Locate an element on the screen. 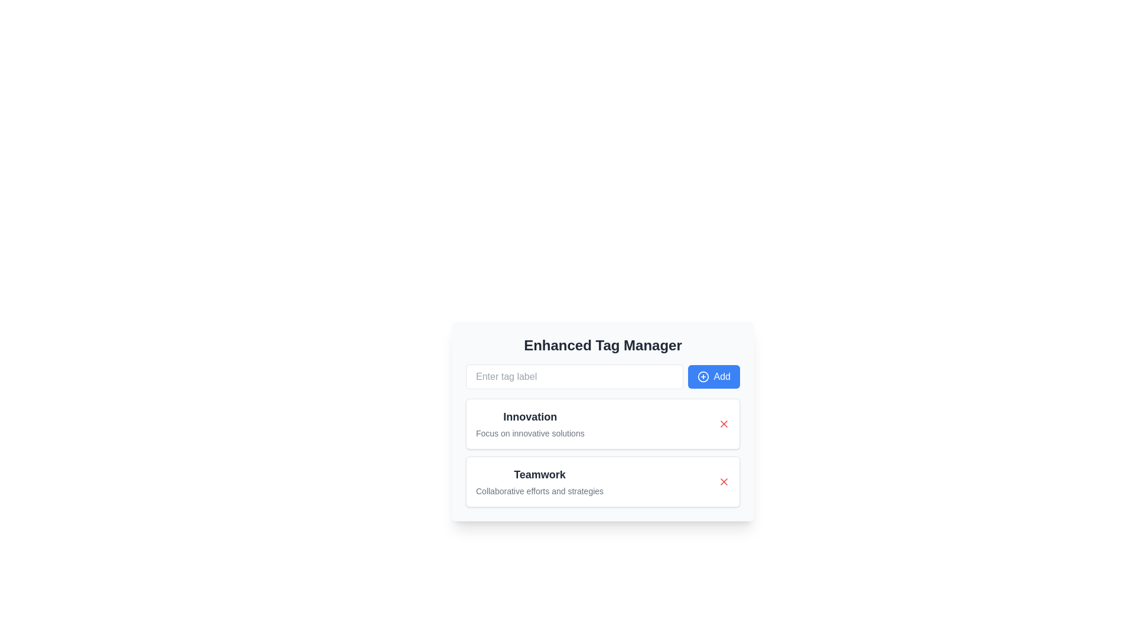 This screenshot has height=637, width=1134. the Header text emphasizing 'Innovation' located centrally within the 'Enhanced Tag Manager' content box is located at coordinates (529, 416).